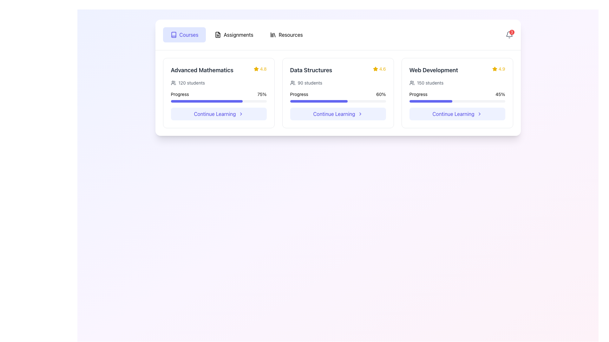 This screenshot has height=342, width=609. What do you see at coordinates (457, 101) in the screenshot?
I see `the progress level of the narrow horizontal progress bar located in the 'Web Development' card beneath the 'Progress' text, which shows a 45% completion level` at bounding box center [457, 101].